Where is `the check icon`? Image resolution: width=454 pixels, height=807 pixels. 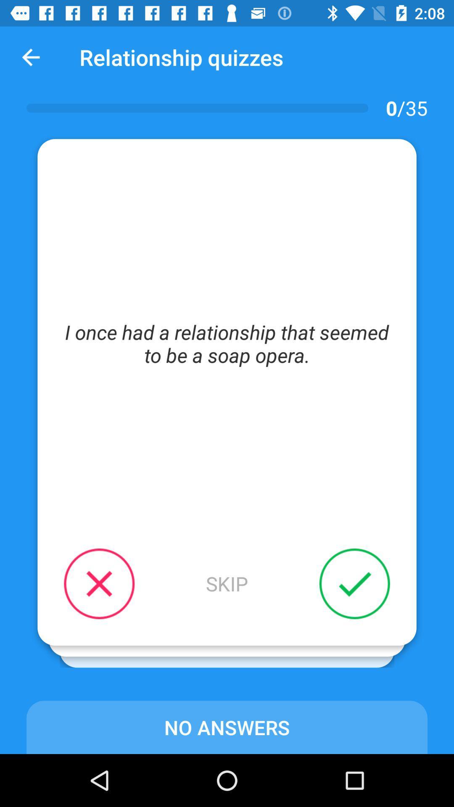
the check icon is located at coordinates (343, 594).